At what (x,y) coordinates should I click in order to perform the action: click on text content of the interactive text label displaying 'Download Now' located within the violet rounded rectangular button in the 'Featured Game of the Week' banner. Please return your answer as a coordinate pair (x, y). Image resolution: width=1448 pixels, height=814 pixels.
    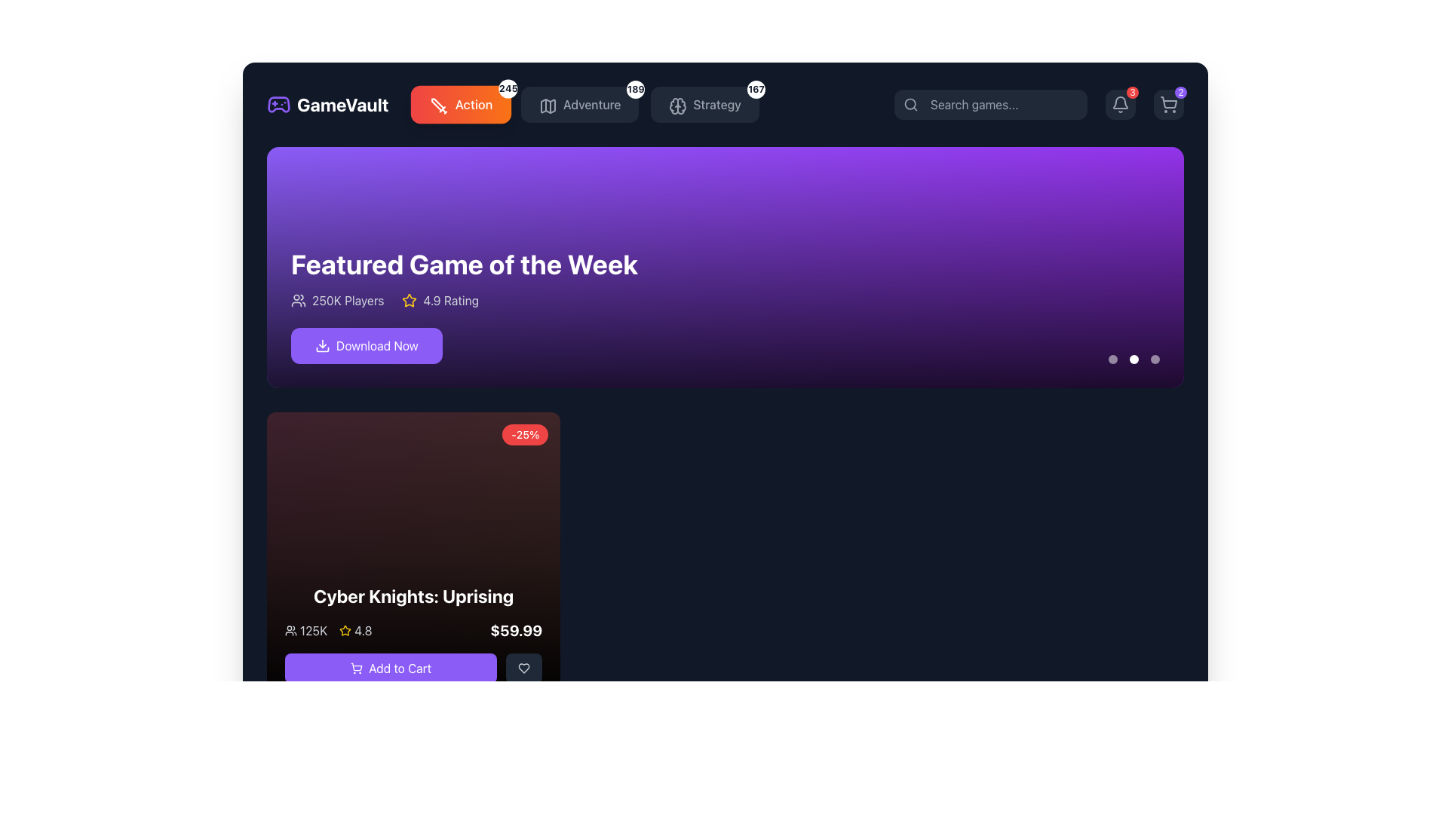
    Looking at the image, I should click on (377, 346).